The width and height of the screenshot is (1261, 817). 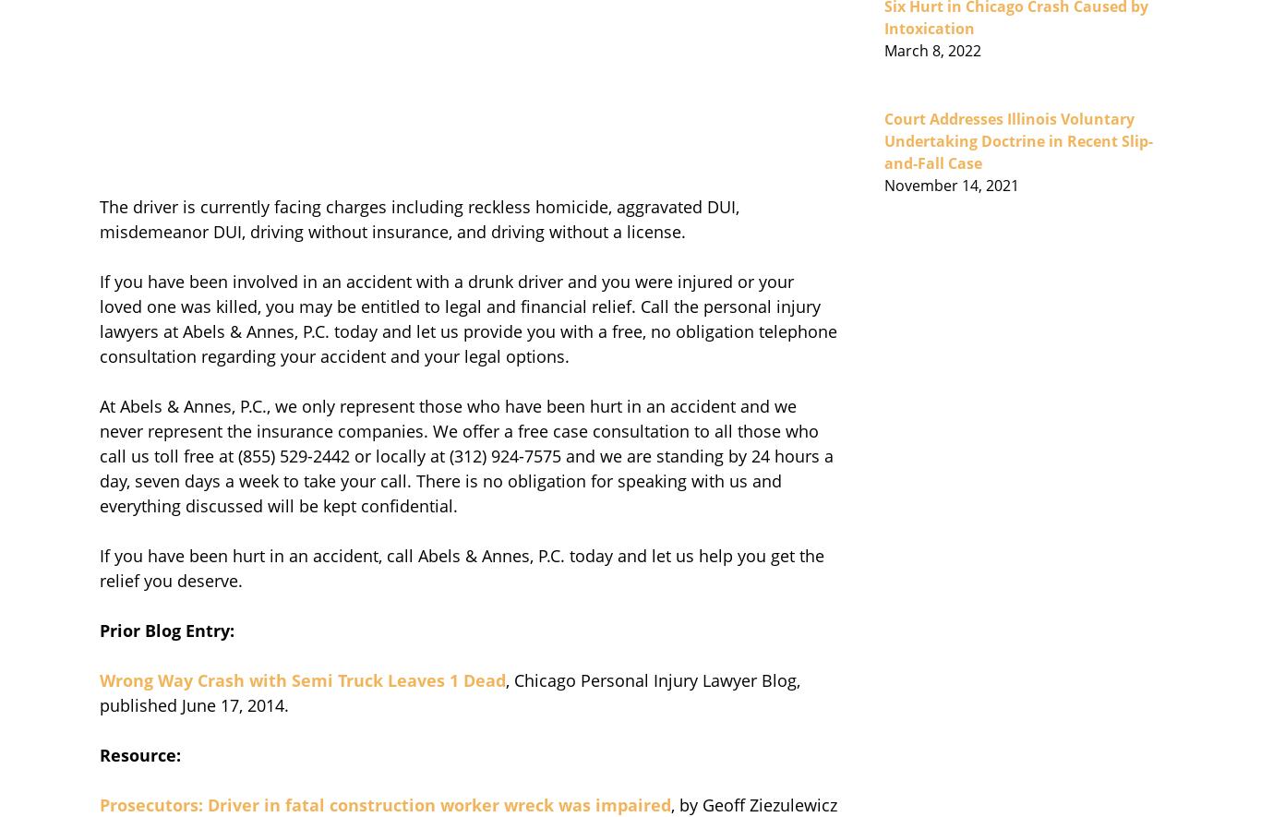 What do you see at coordinates (462, 567) in the screenshot?
I see `'If you have been hurt in an accident, call Abels & Annes, P.C. today and let us help you get the relief you deserve.'` at bounding box center [462, 567].